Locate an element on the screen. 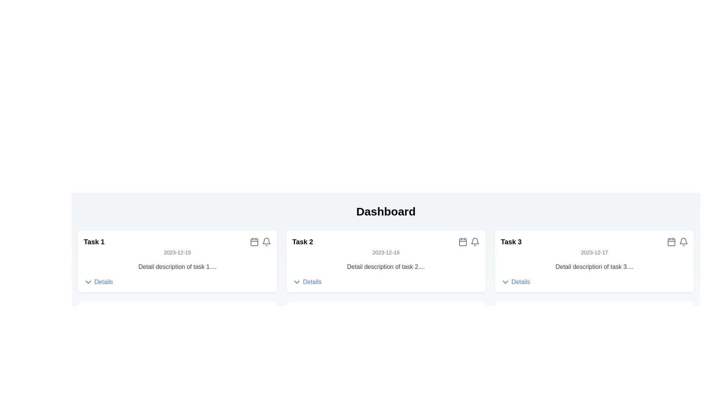  the bell-shaped notification icon located in the top-right corner of the card labeled 'Task 3' is located at coordinates (684, 241).